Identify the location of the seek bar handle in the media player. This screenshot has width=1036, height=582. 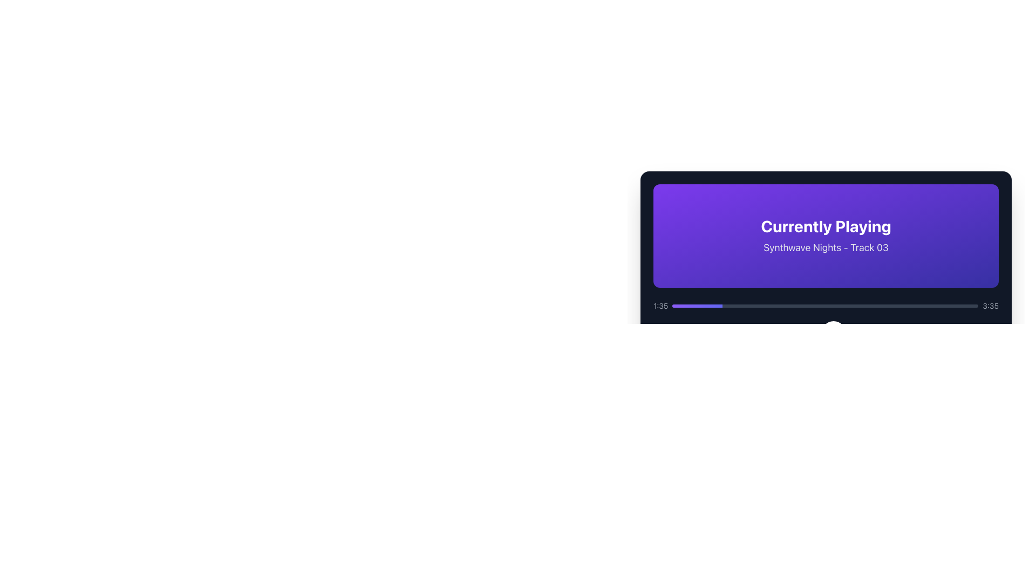
(833, 332).